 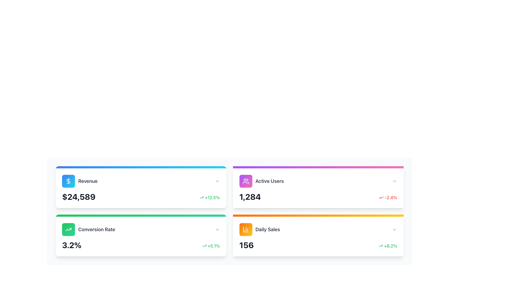 I want to click on the 'Revenue' text label with the adjacent dollar sign icon located in the top-left section of the dashboard interface, so click(x=80, y=181).